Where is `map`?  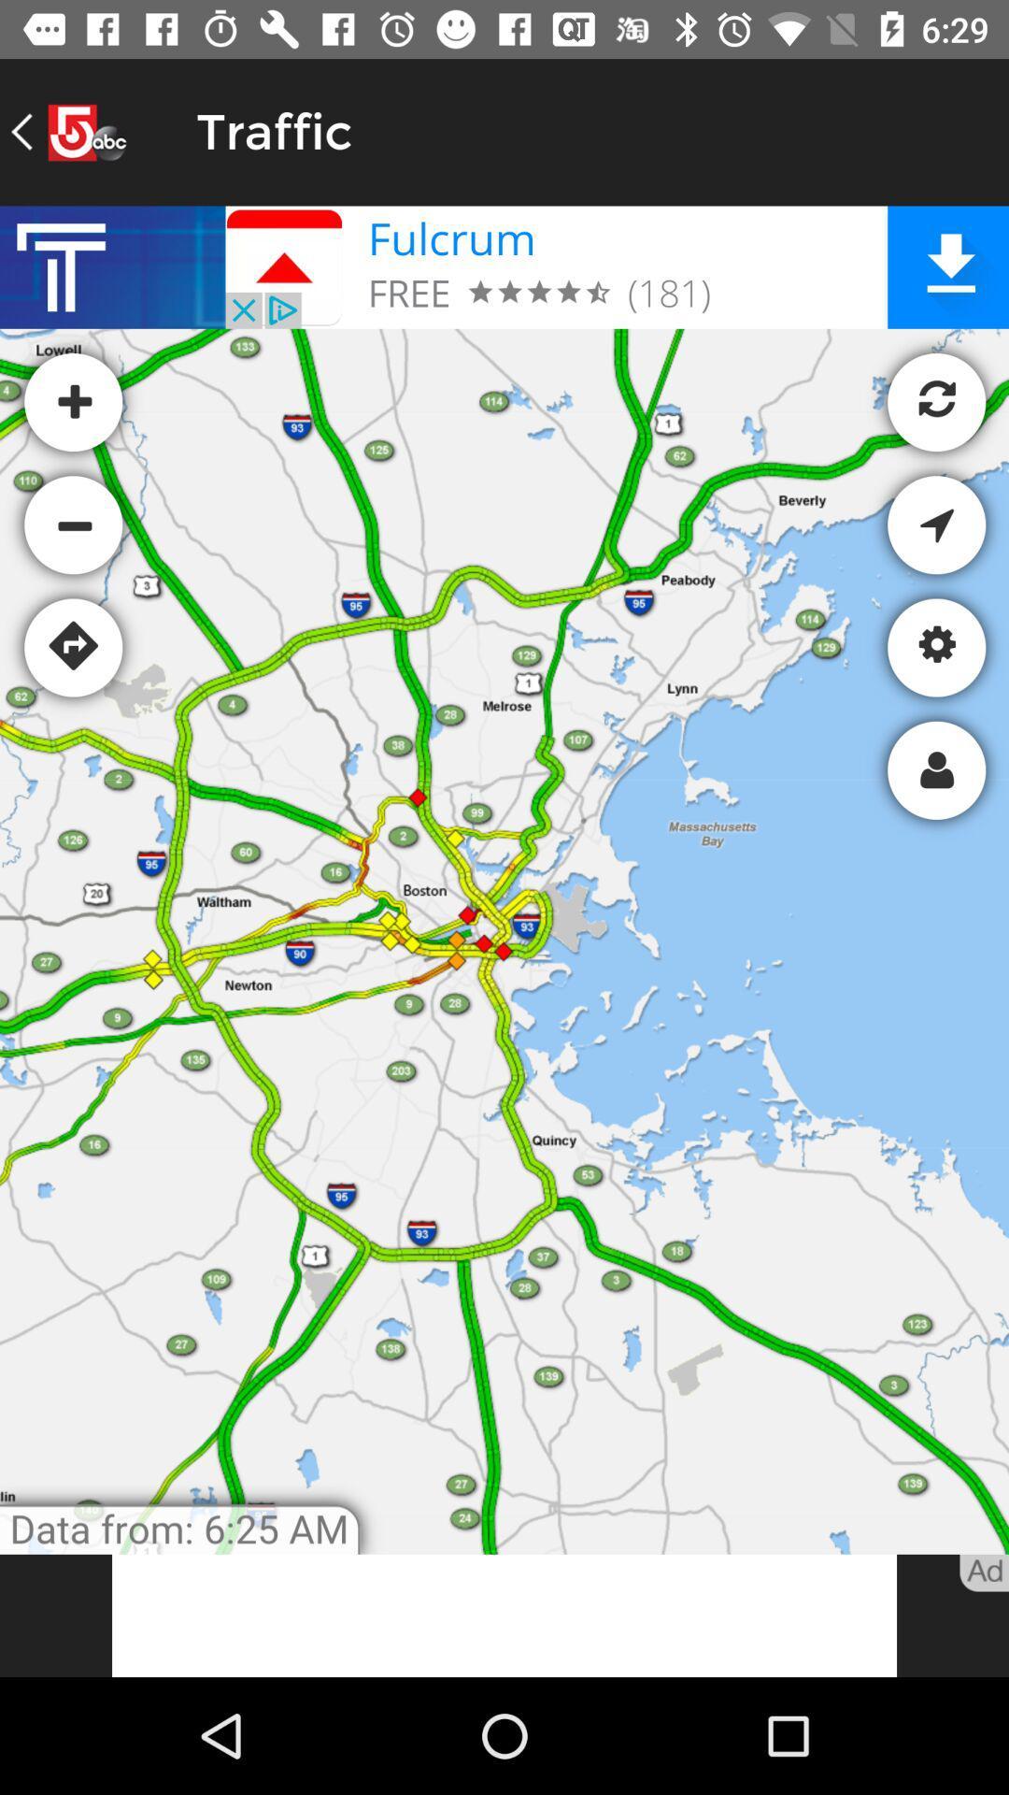 map is located at coordinates (504, 879).